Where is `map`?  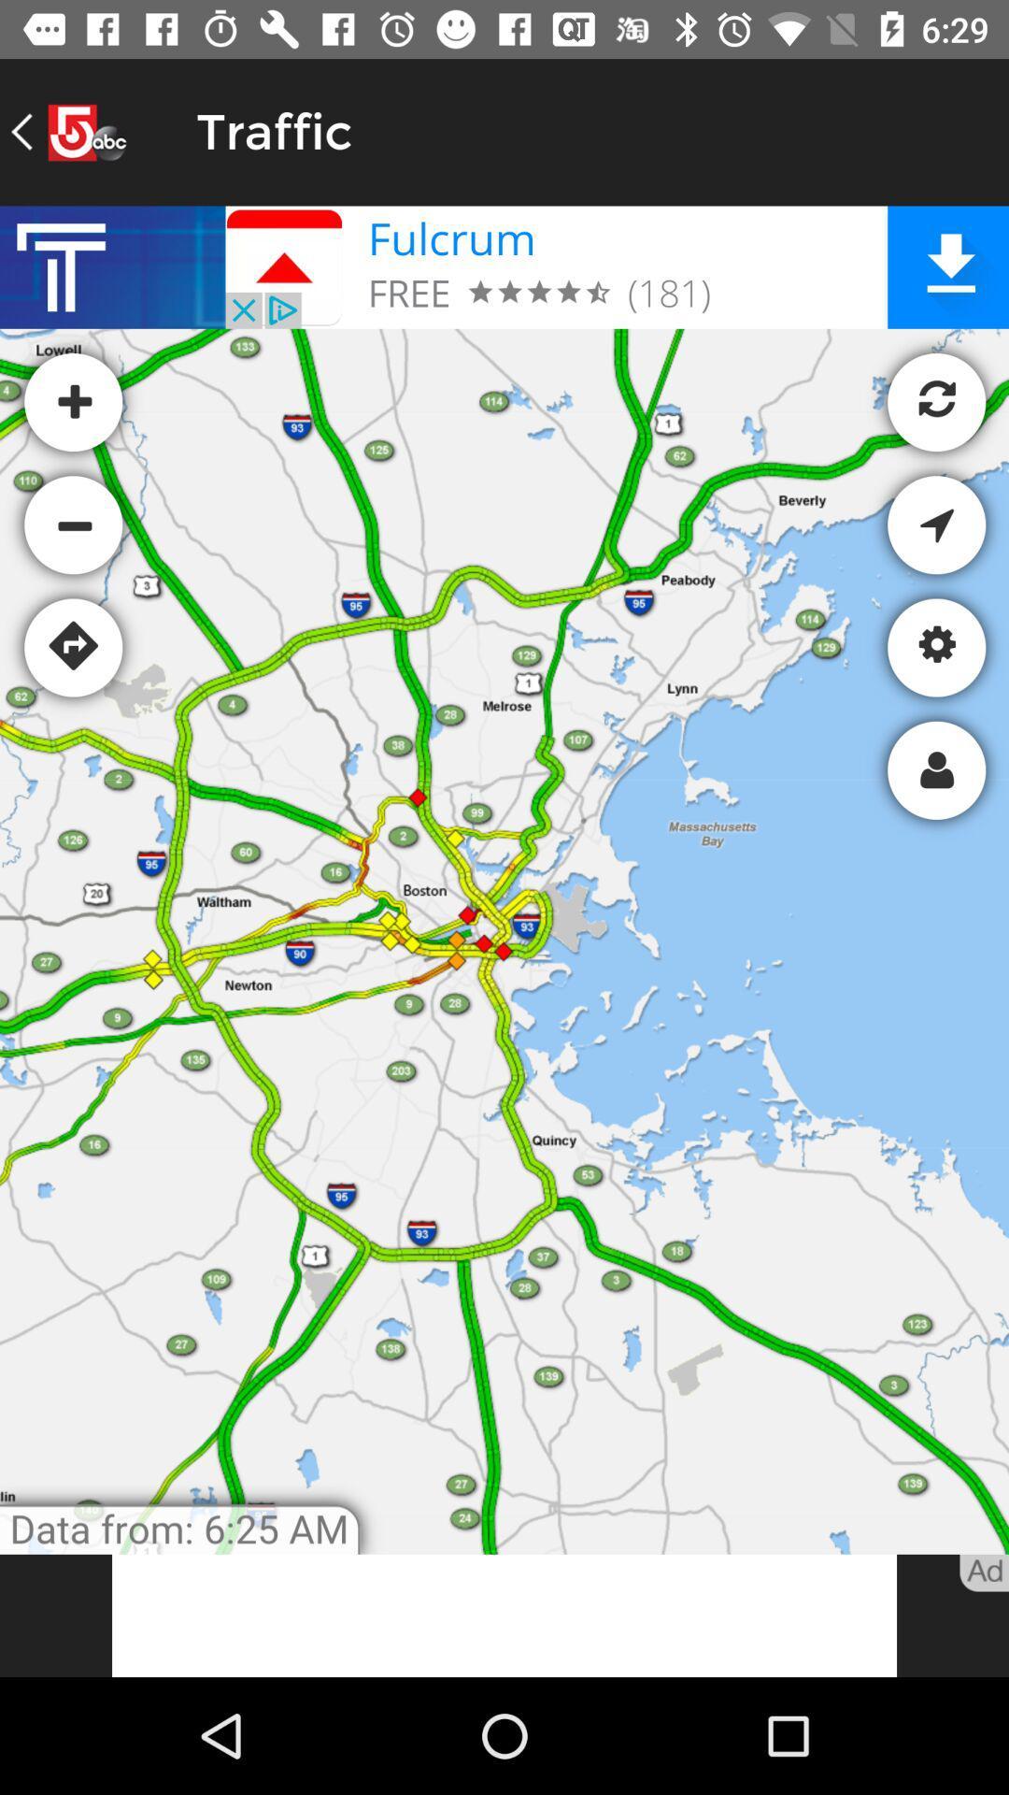 map is located at coordinates (504, 879).